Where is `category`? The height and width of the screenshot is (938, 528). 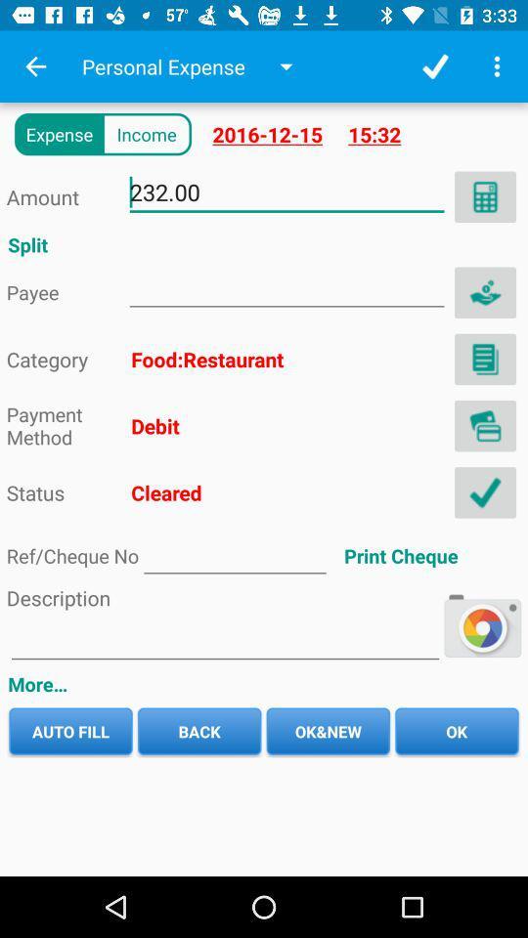 category is located at coordinates (484, 358).